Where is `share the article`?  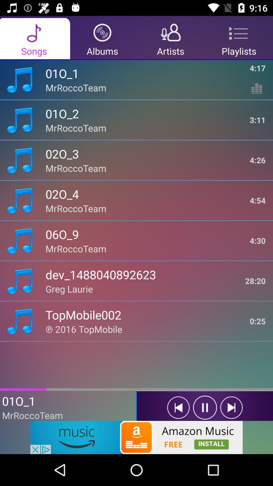 share the article is located at coordinates (136, 437).